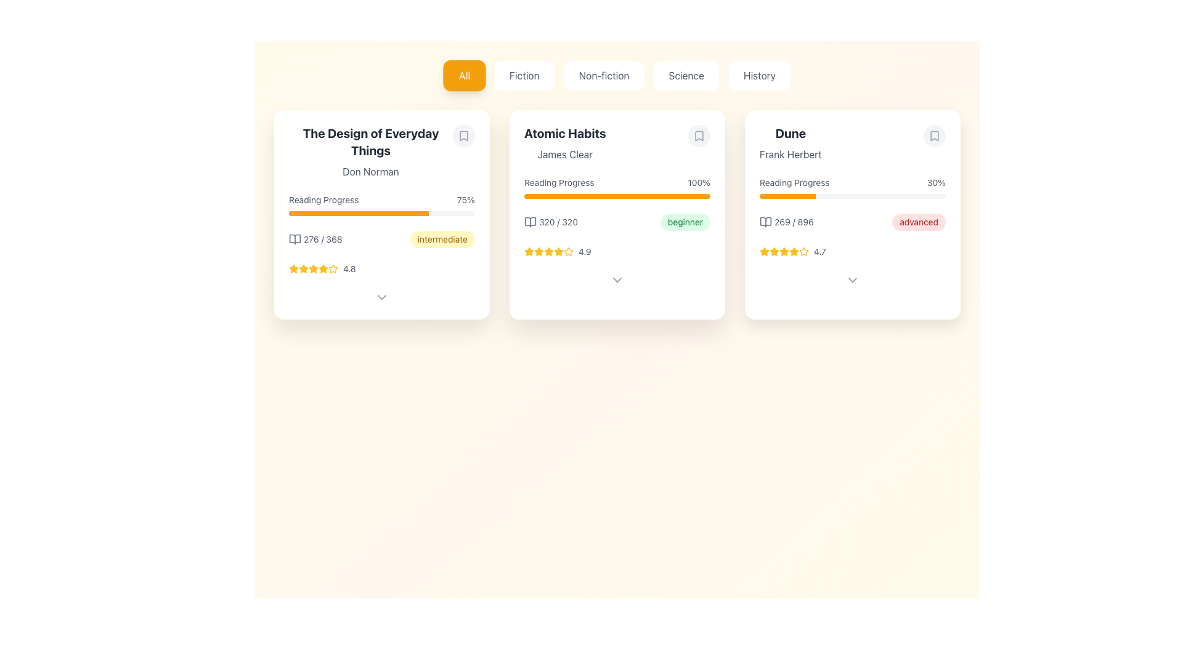  What do you see at coordinates (564, 153) in the screenshot?
I see `the text label displaying 'James Clear', which is located beneath the bold title 'Atomic Habits' within the book card` at bounding box center [564, 153].